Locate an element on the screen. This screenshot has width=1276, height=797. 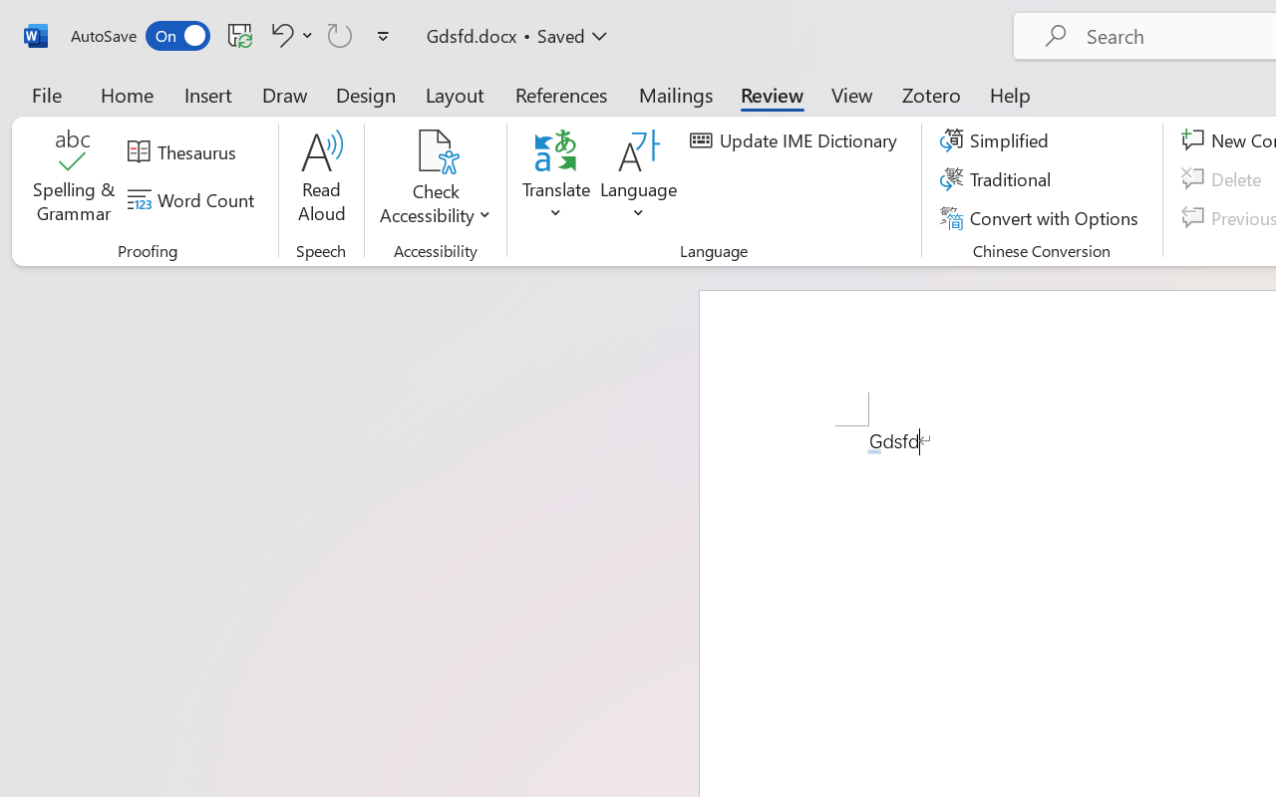
'Delete' is located at coordinates (1223, 178).